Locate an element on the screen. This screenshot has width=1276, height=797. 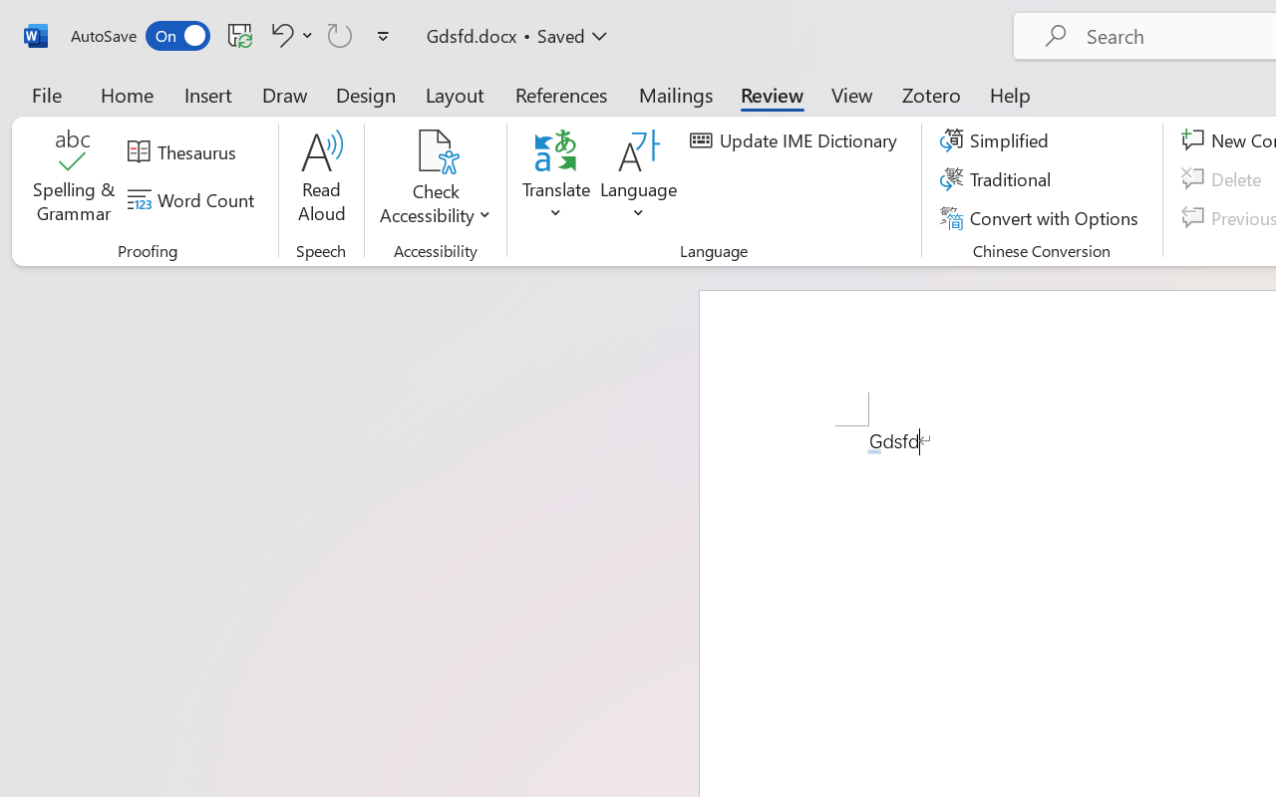
'Delete' is located at coordinates (1223, 178).